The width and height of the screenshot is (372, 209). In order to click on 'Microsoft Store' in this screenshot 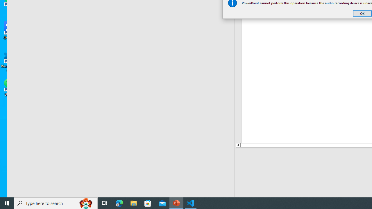, I will do `click(148, 203)`.